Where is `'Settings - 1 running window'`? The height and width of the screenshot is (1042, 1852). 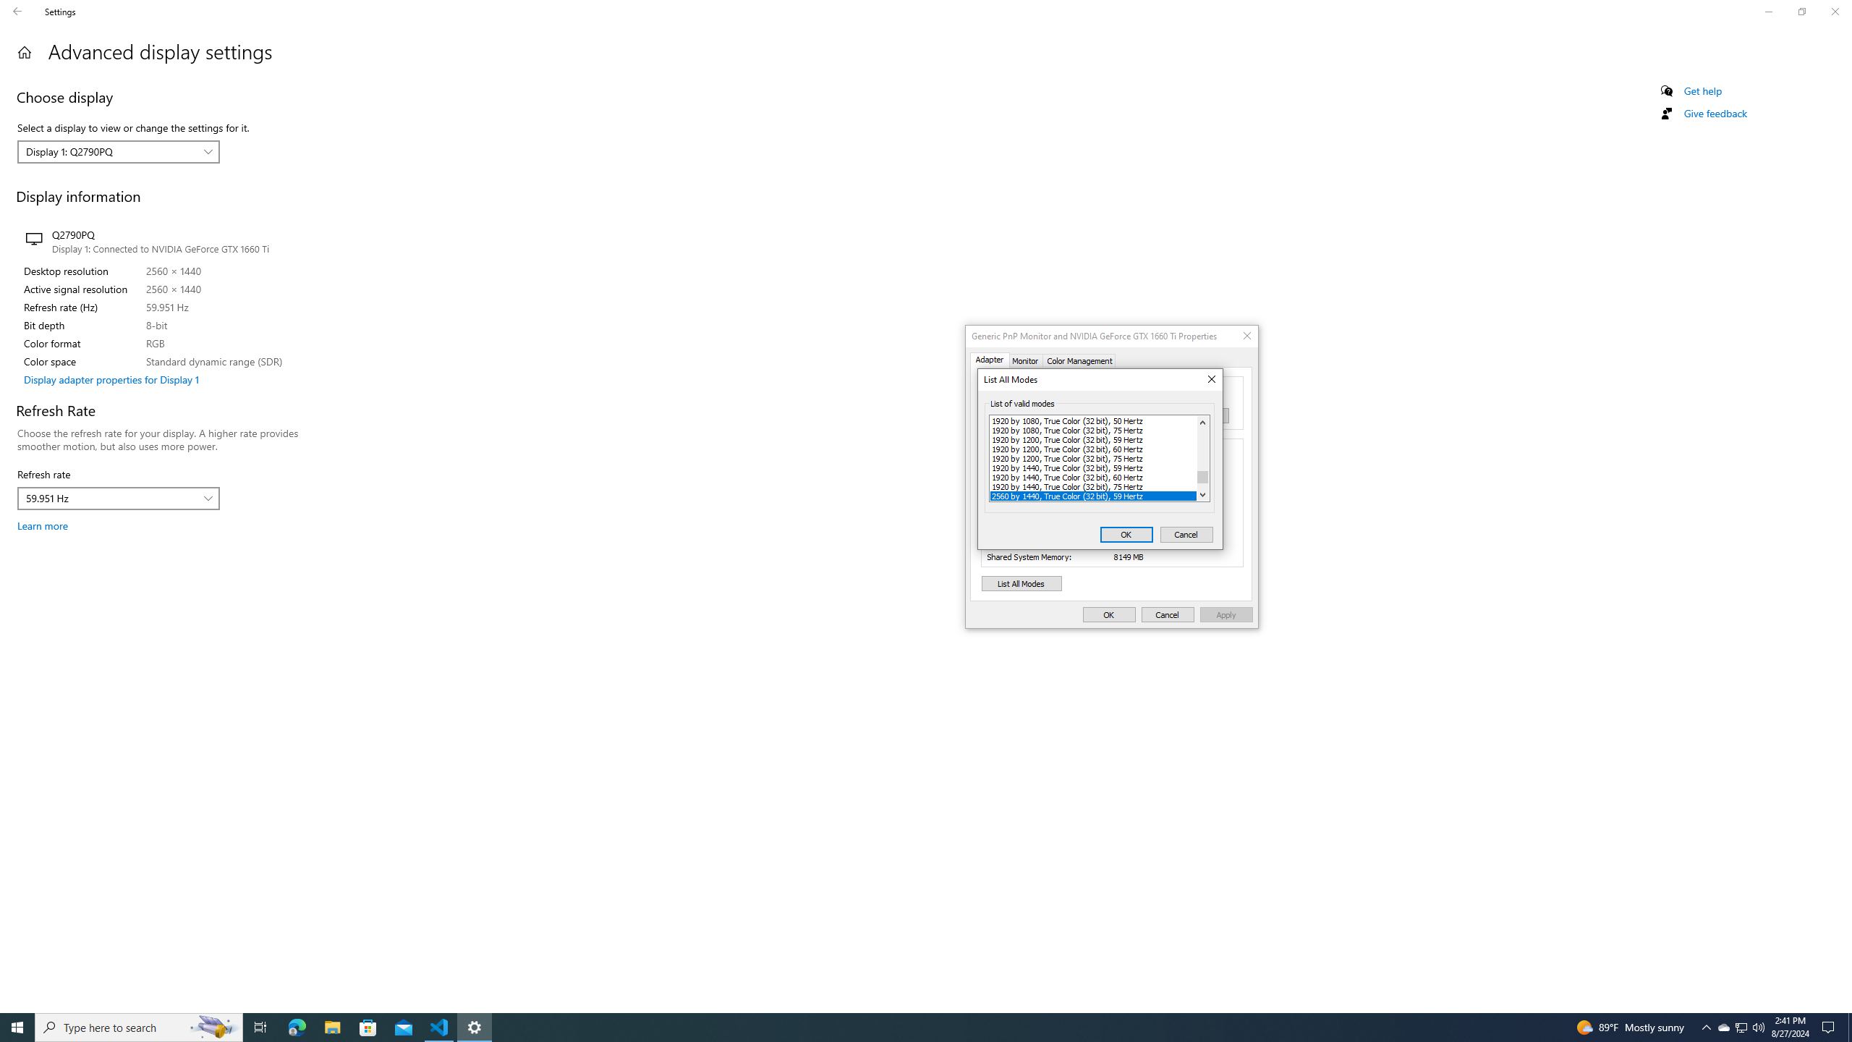
'Settings - 1 running window' is located at coordinates (475, 1026).